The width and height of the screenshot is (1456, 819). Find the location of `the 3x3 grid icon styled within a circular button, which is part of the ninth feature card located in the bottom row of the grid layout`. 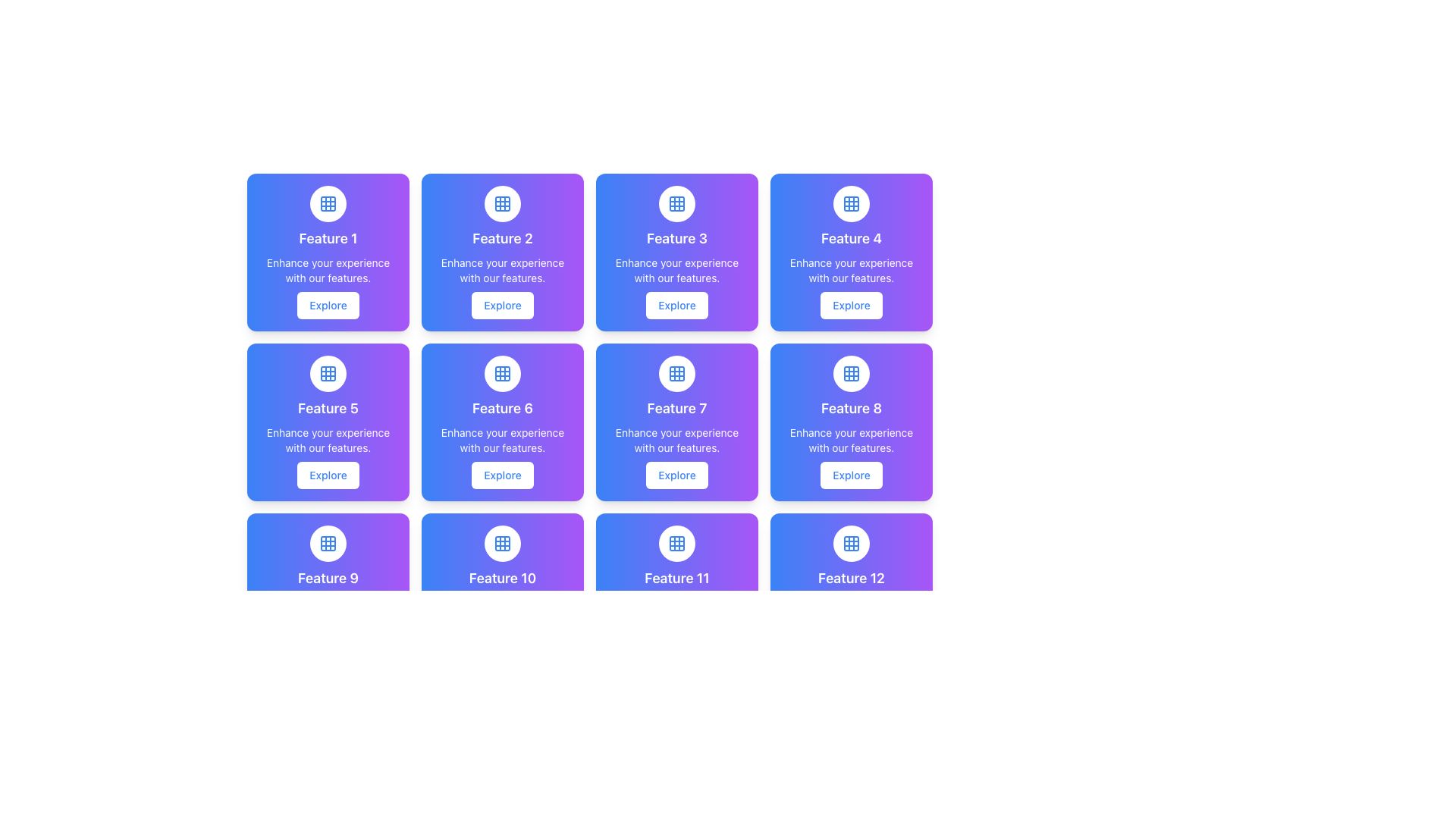

the 3x3 grid icon styled within a circular button, which is part of the ninth feature card located in the bottom row of the grid layout is located at coordinates (327, 543).